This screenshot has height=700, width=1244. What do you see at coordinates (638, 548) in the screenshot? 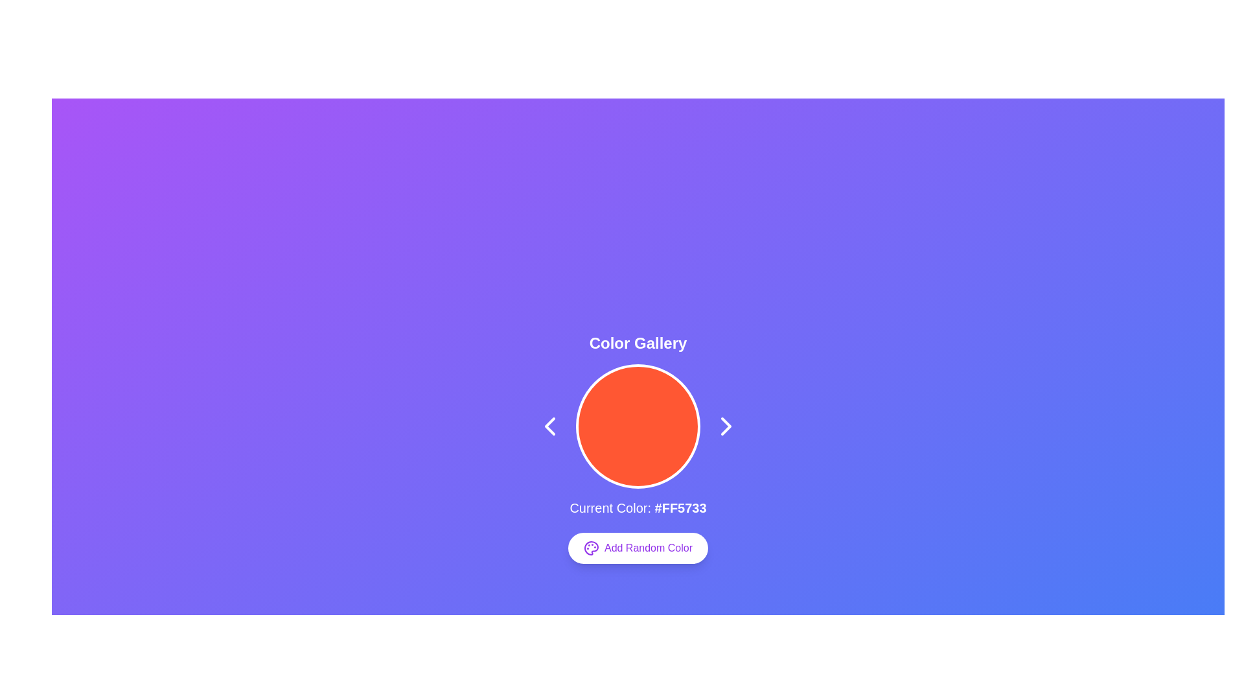
I see `the button that adds a new random color to the current color display, located beneath the text 'Current Color: #FF5733'` at bounding box center [638, 548].